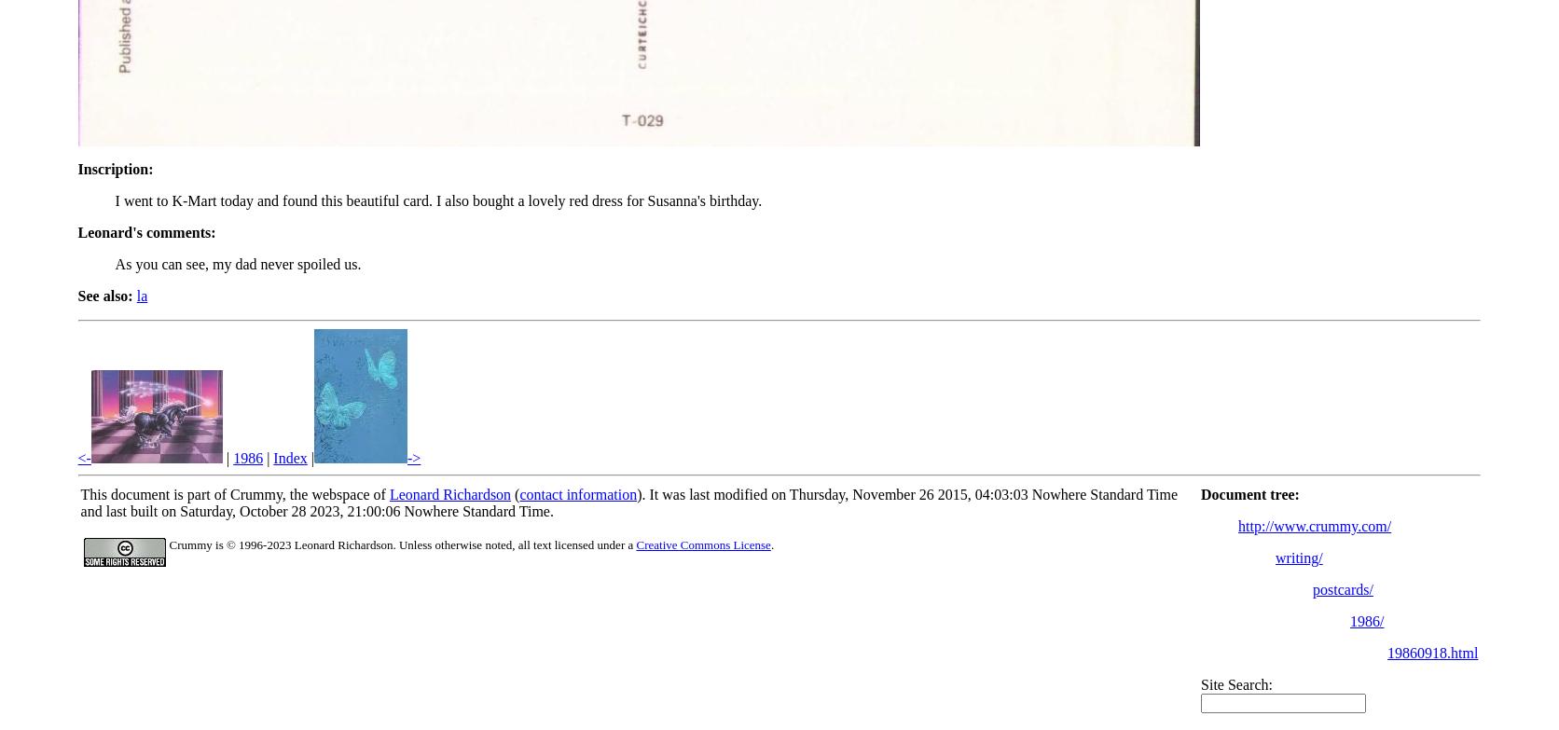 This screenshot has width=1559, height=730. What do you see at coordinates (1341, 588) in the screenshot?
I see `'postcards/'` at bounding box center [1341, 588].